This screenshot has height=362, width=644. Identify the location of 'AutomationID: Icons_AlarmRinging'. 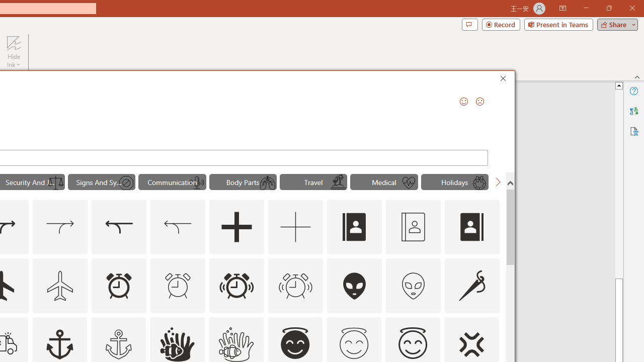
(236, 286).